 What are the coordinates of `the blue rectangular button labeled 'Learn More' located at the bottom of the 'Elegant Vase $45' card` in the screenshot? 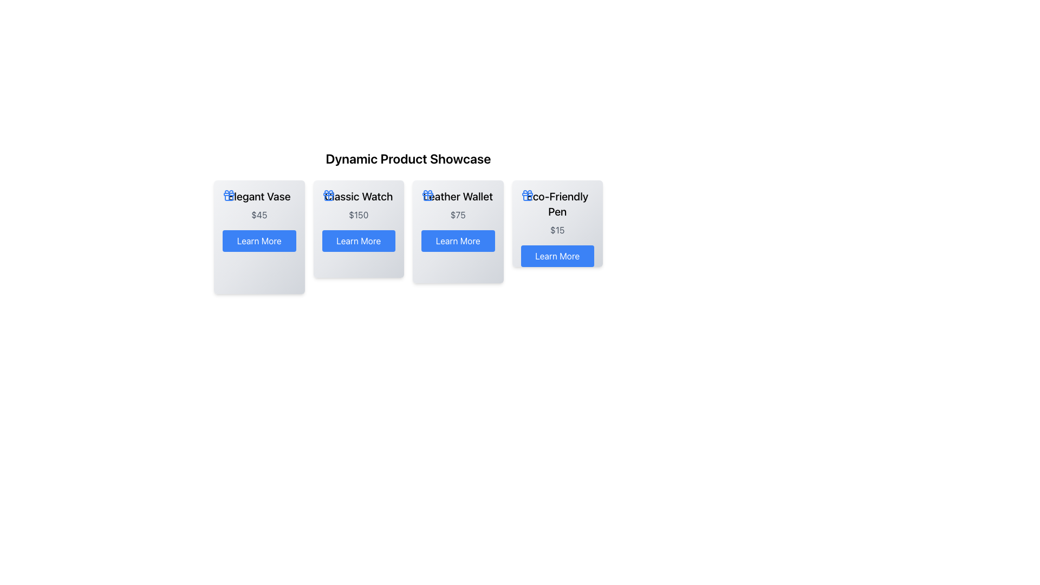 It's located at (258, 240).